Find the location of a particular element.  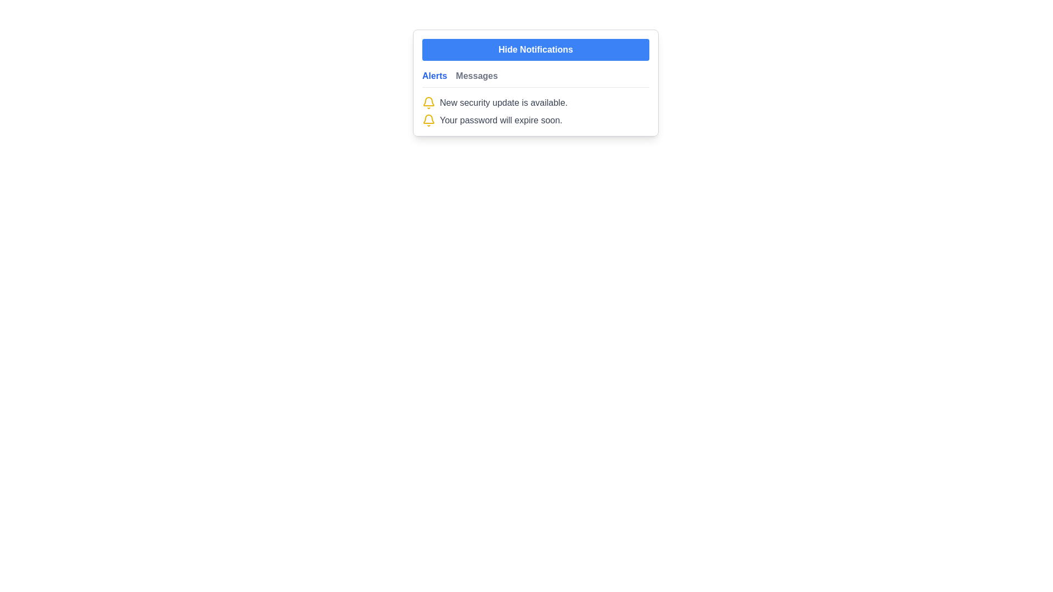

notification message that says 'New security update is available. Your password will expire soon.' which is the second notification under 'Alerts Messages.' is located at coordinates (536, 112).